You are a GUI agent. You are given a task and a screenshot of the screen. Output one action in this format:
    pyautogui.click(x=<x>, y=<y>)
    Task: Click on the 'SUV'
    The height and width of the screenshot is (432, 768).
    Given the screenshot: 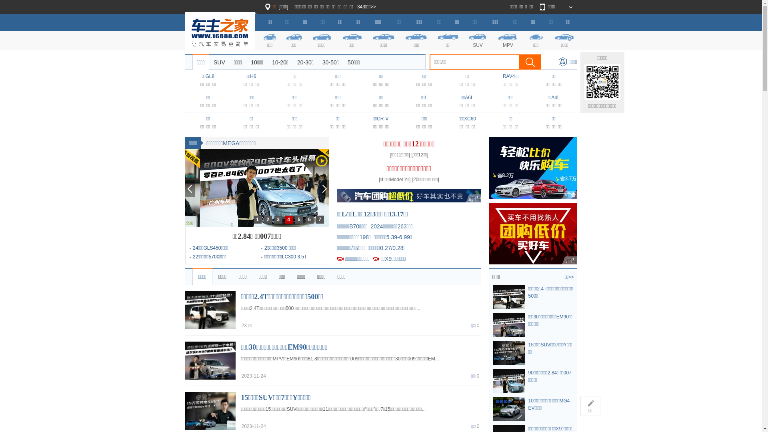 What is the action you would take?
    pyautogui.click(x=466, y=40)
    